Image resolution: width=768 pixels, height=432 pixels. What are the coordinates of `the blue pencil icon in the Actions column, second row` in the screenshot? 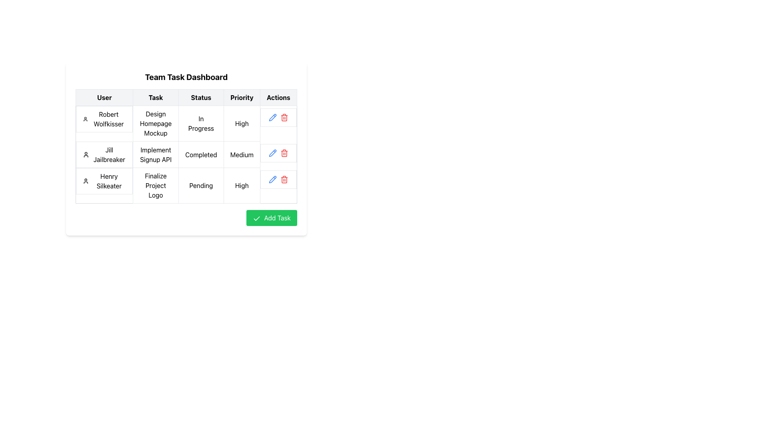 It's located at (273, 117).